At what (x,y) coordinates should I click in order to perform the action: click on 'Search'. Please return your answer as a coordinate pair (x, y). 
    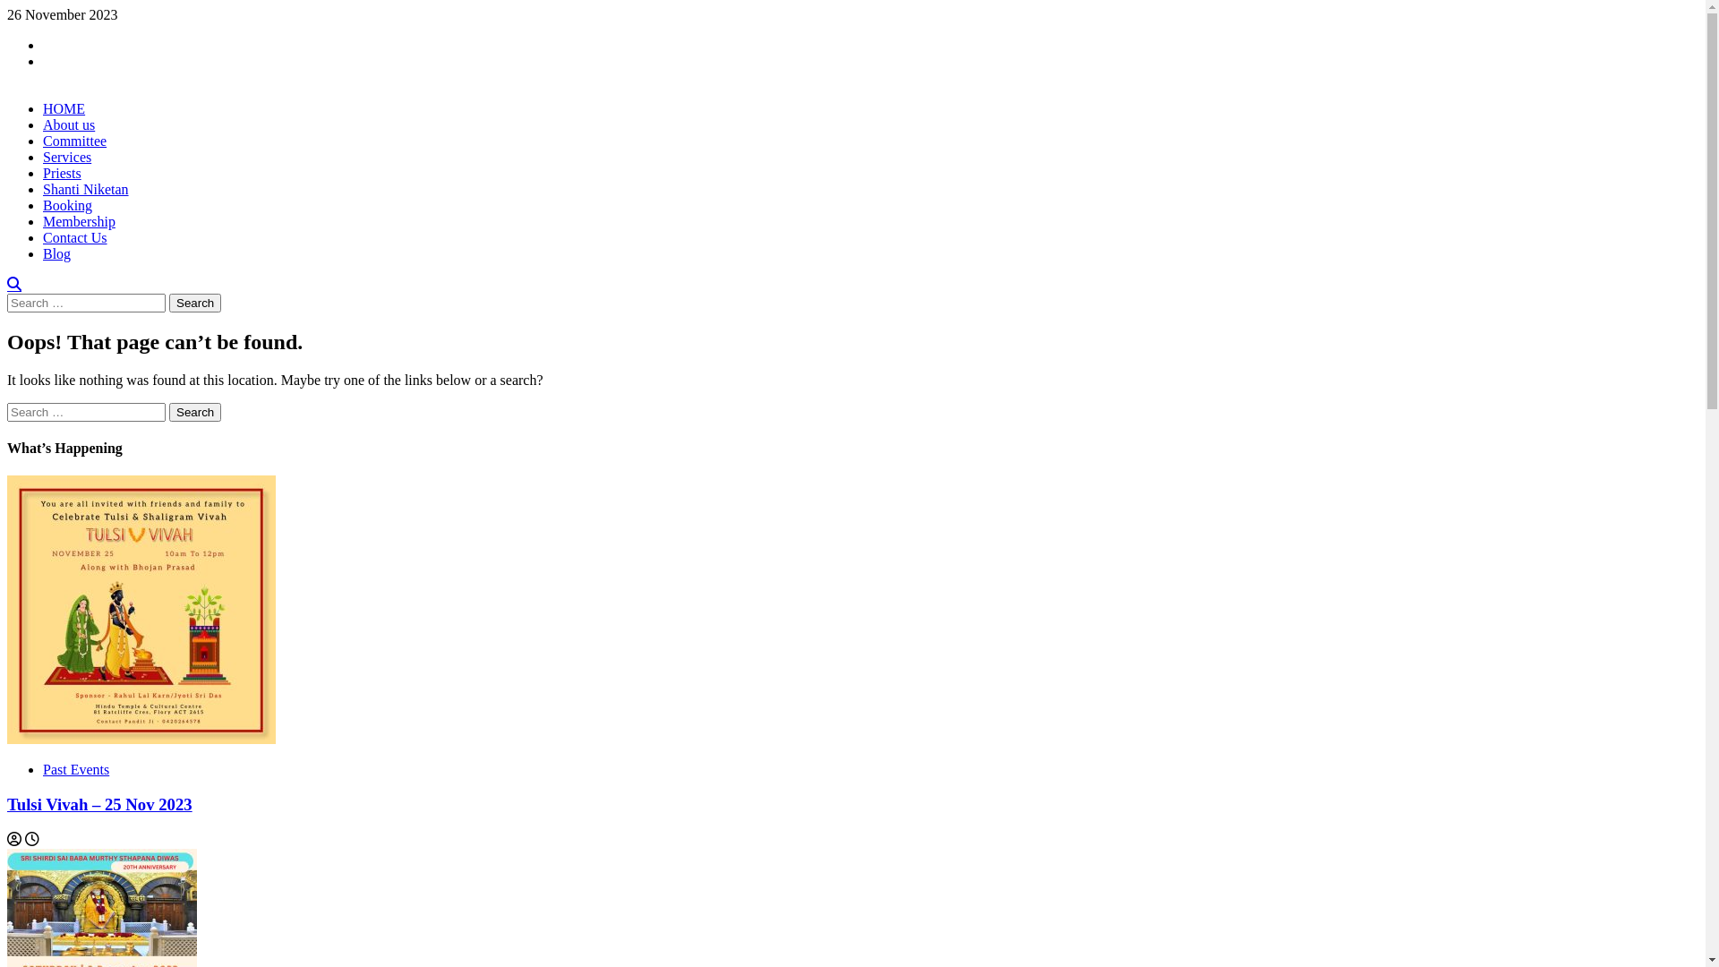
    Looking at the image, I should click on (194, 412).